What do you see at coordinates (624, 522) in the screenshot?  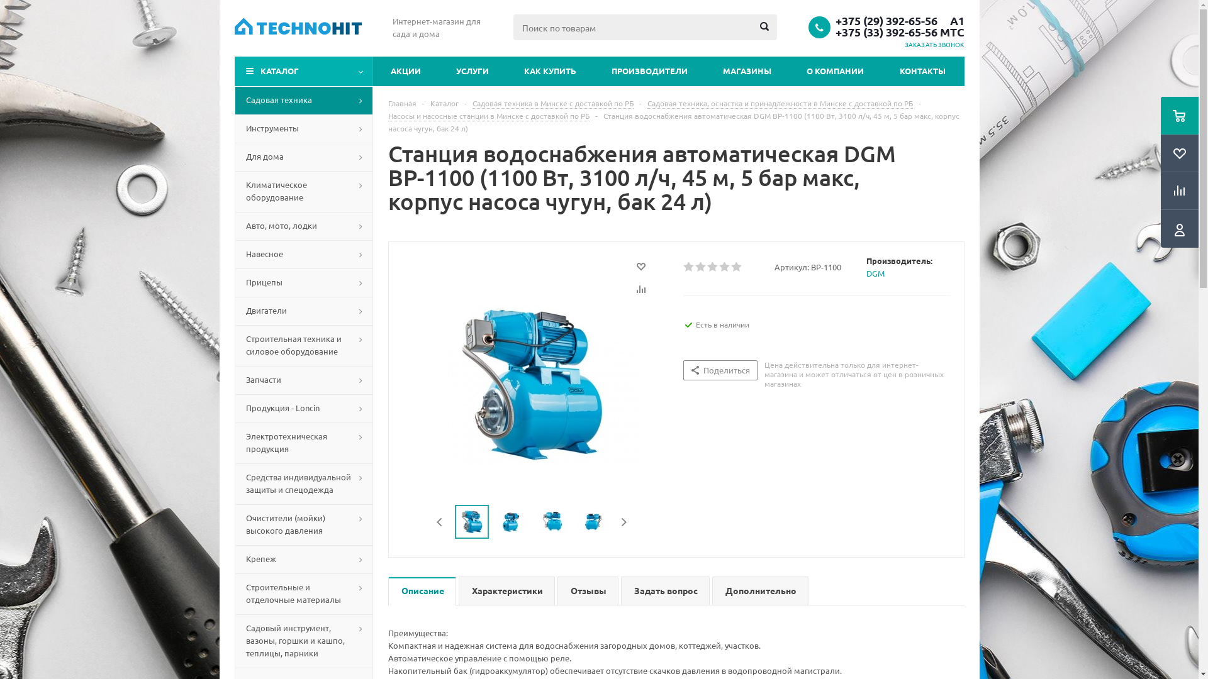 I see `'Next'` at bounding box center [624, 522].